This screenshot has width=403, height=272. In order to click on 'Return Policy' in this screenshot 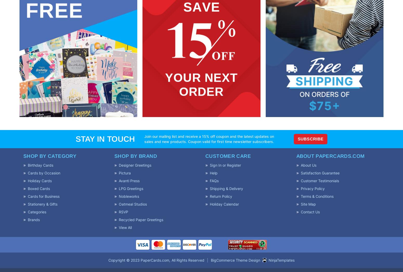, I will do `click(221, 196)`.